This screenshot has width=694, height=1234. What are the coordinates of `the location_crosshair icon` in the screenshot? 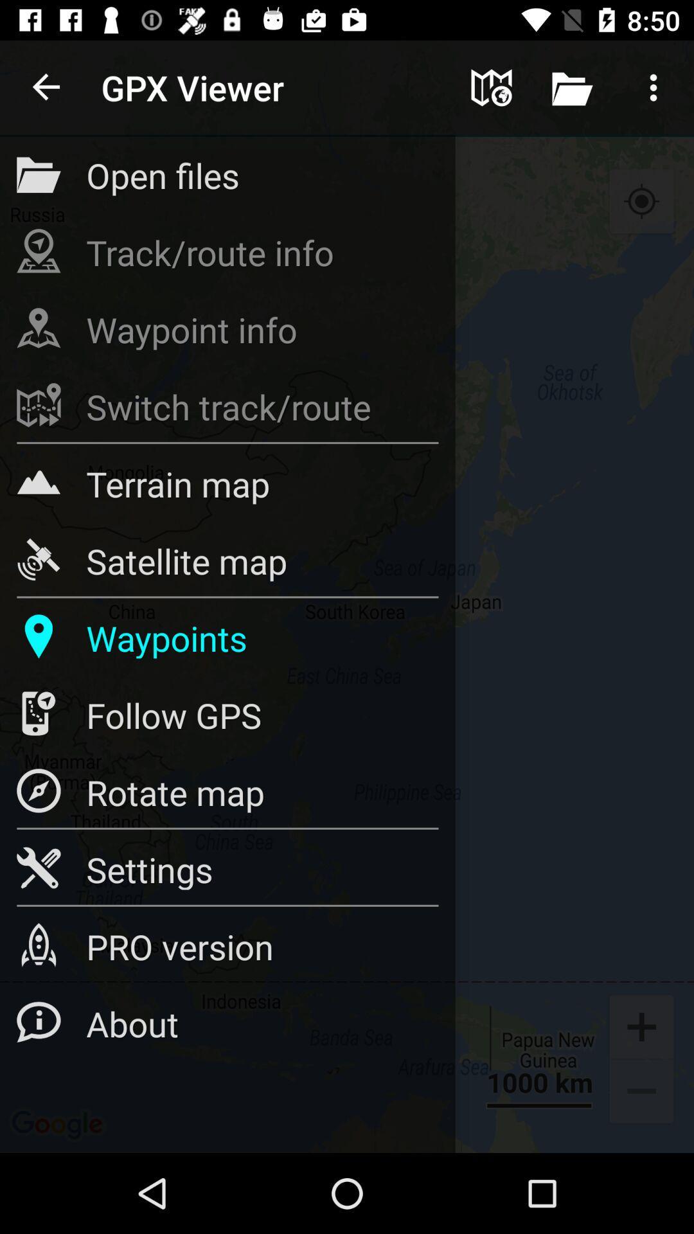 It's located at (641, 201).